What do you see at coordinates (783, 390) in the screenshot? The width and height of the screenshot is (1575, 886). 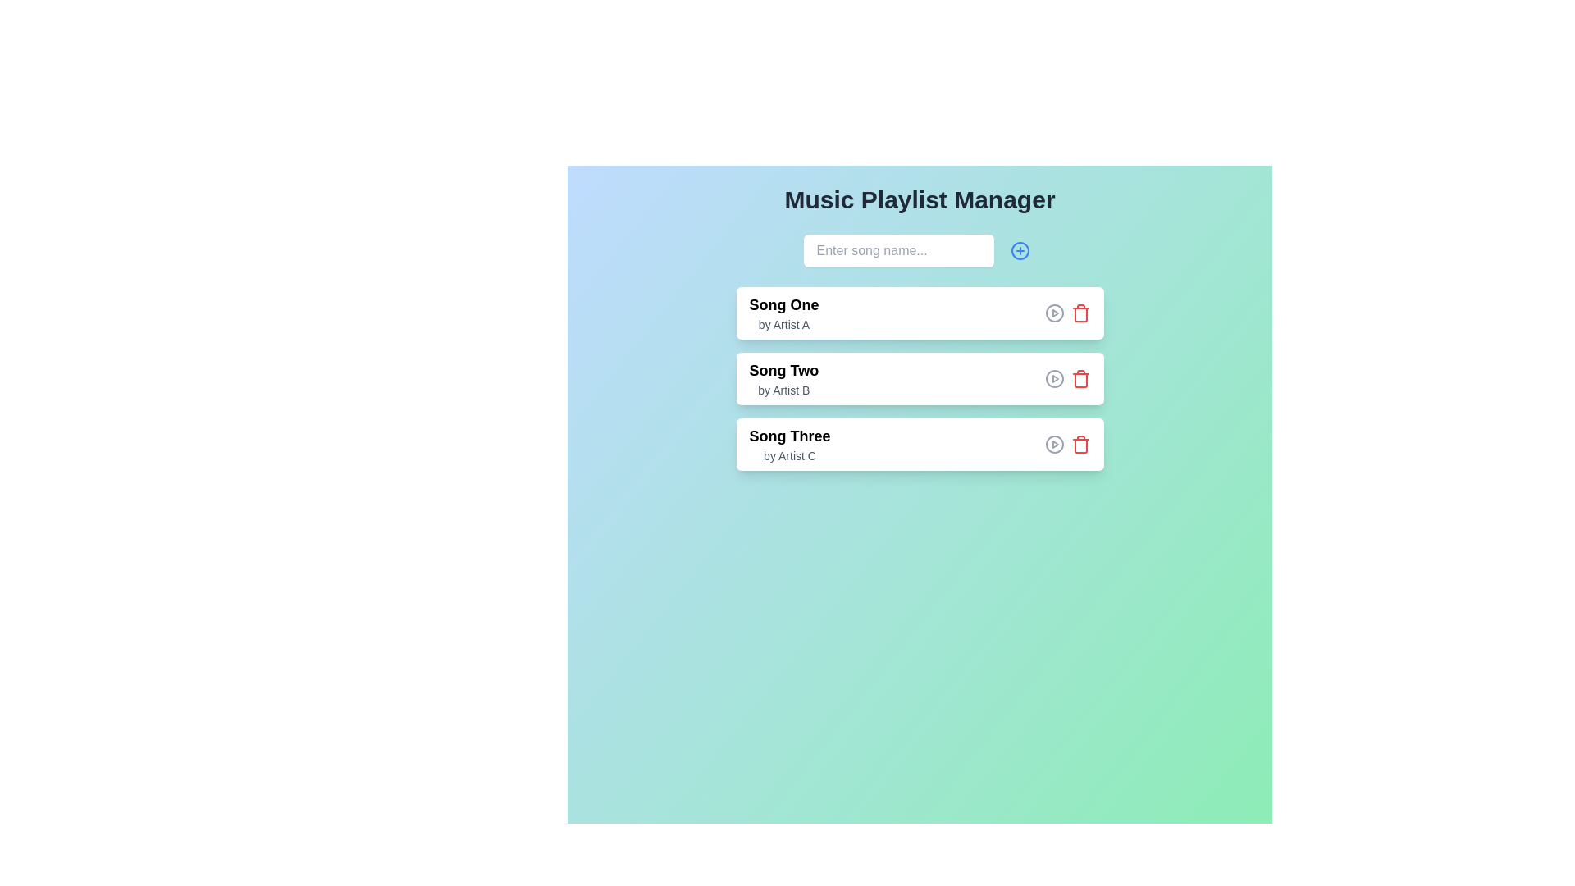 I see `the Text label displaying the artist's name for the song 'Song Two', which is located below the song title in the Music Playlist Manager interface` at bounding box center [783, 390].